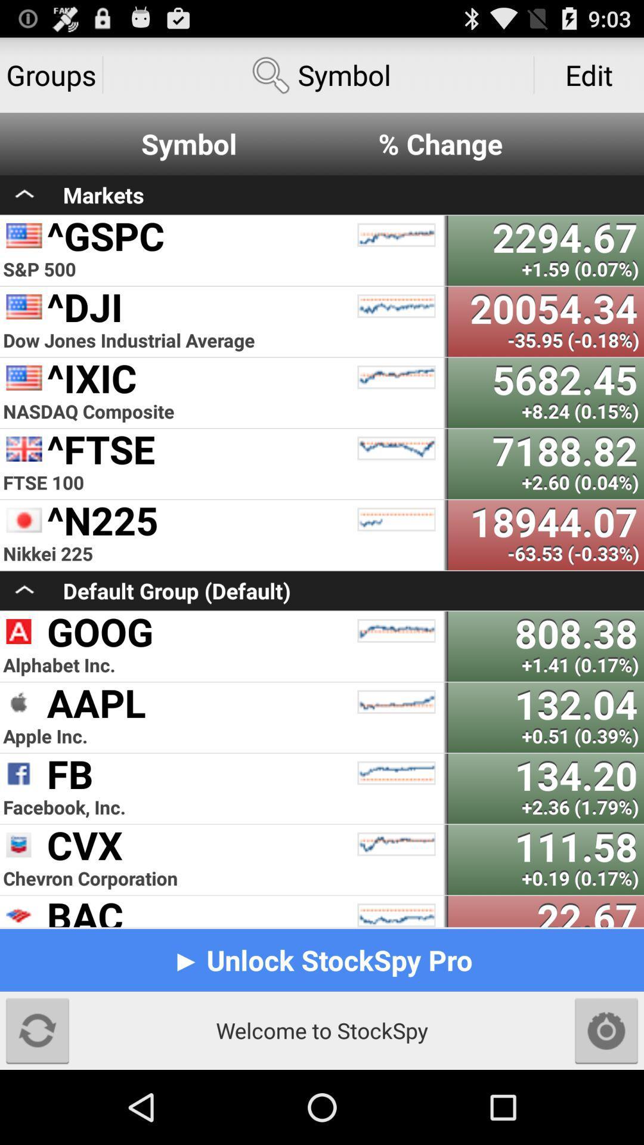 The width and height of the screenshot is (644, 1145). I want to click on the refresh icon, so click(36, 1102).